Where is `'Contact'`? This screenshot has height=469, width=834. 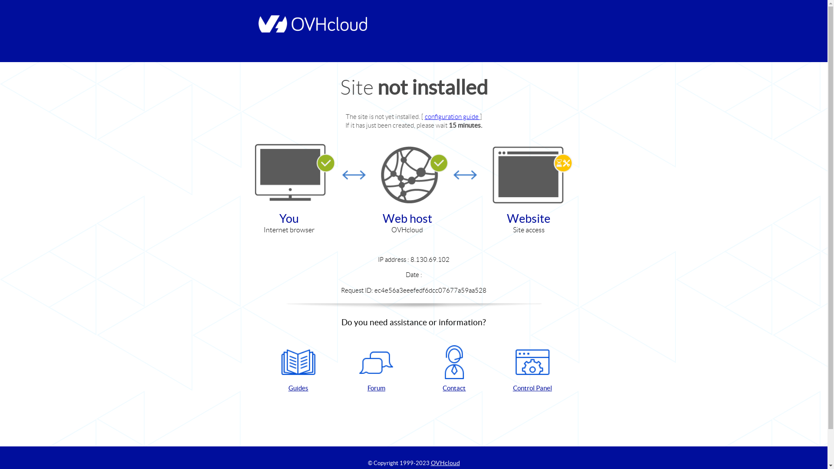
'Contact' is located at coordinates (454, 369).